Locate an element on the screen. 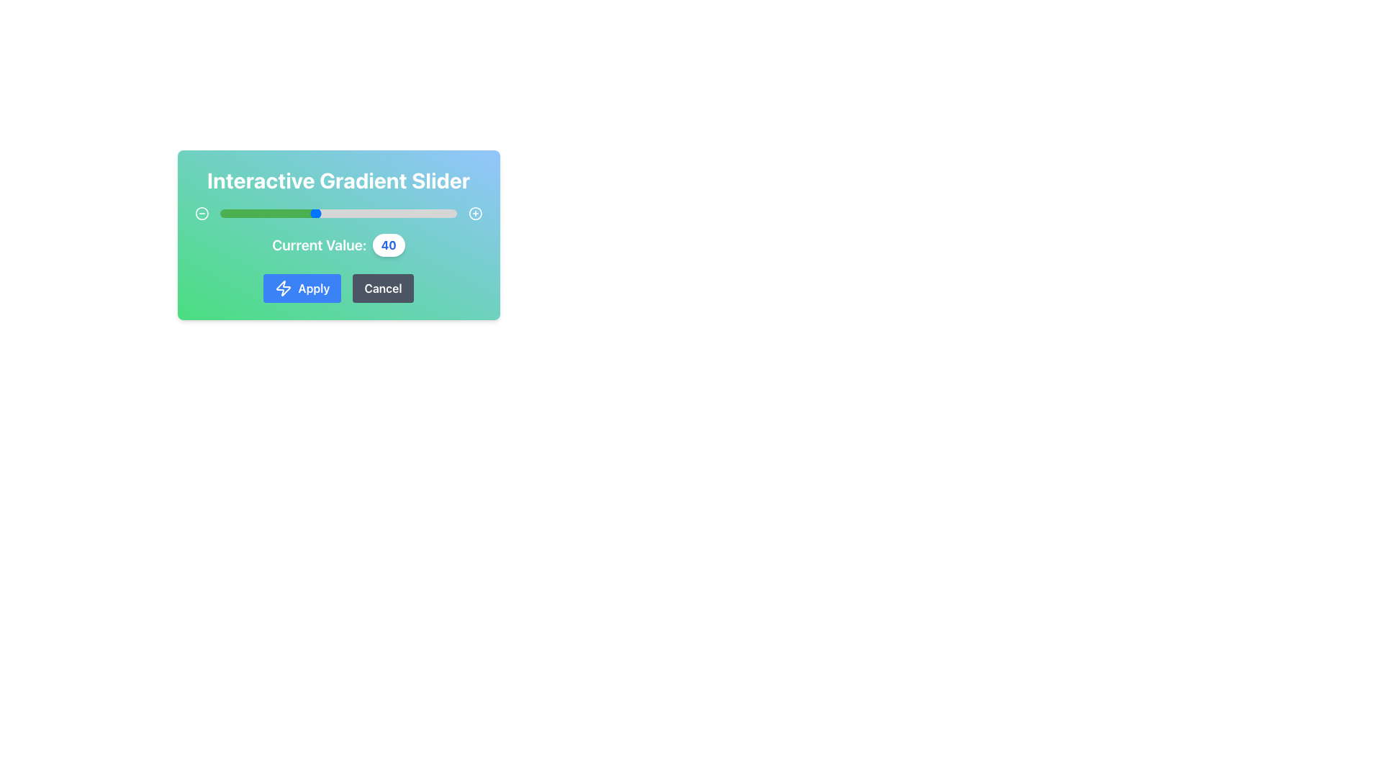  the slider is located at coordinates (260, 214).